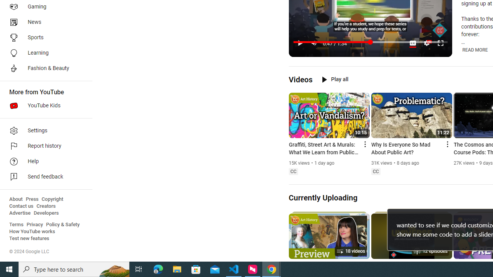 The width and height of the screenshot is (493, 277). I want to click on 'Closed captions', so click(376, 171).